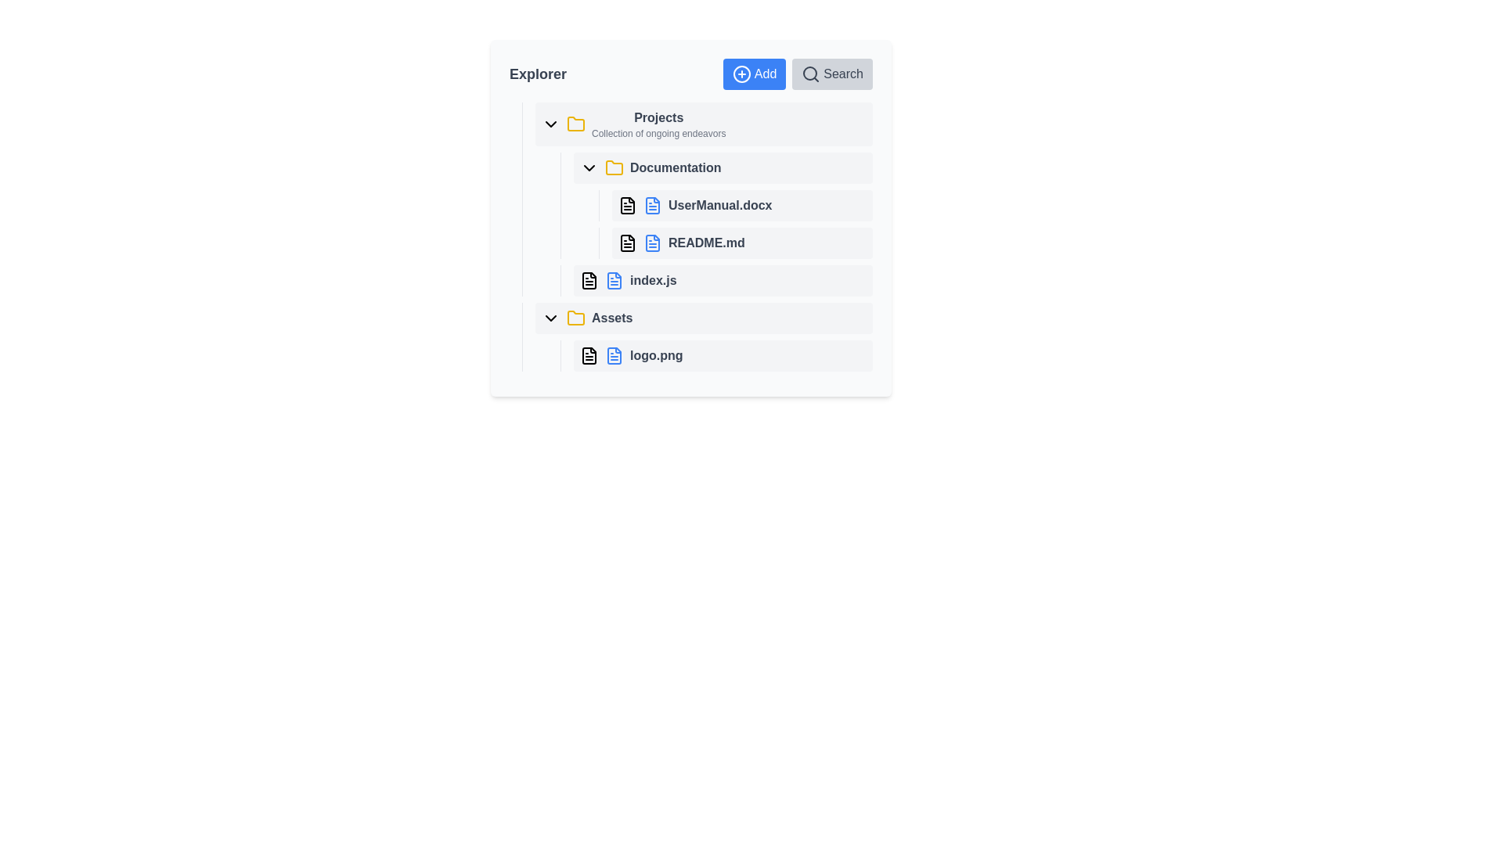  Describe the element at coordinates (627, 243) in the screenshot. I see `the 'README.md' file icon located within the 'Documentation' folder` at that location.